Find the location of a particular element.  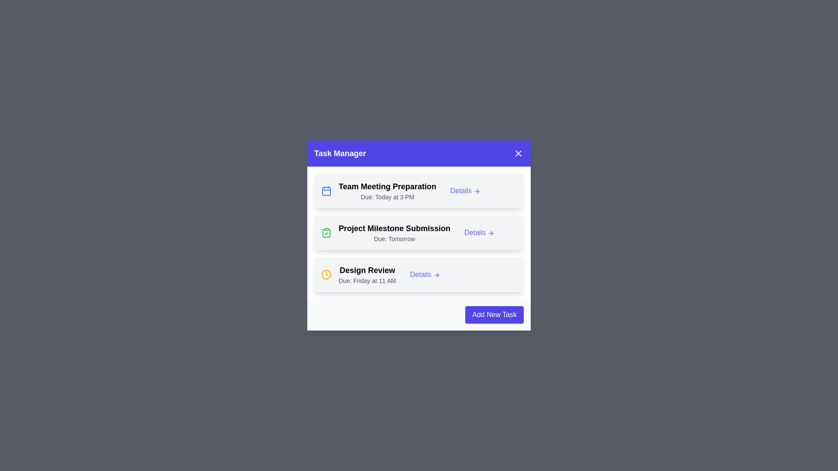

the circular clock icon with a yellow outline located in the 'Design Review' section, positioned next to the text 'Design Review' is located at coordinates (326, 274).